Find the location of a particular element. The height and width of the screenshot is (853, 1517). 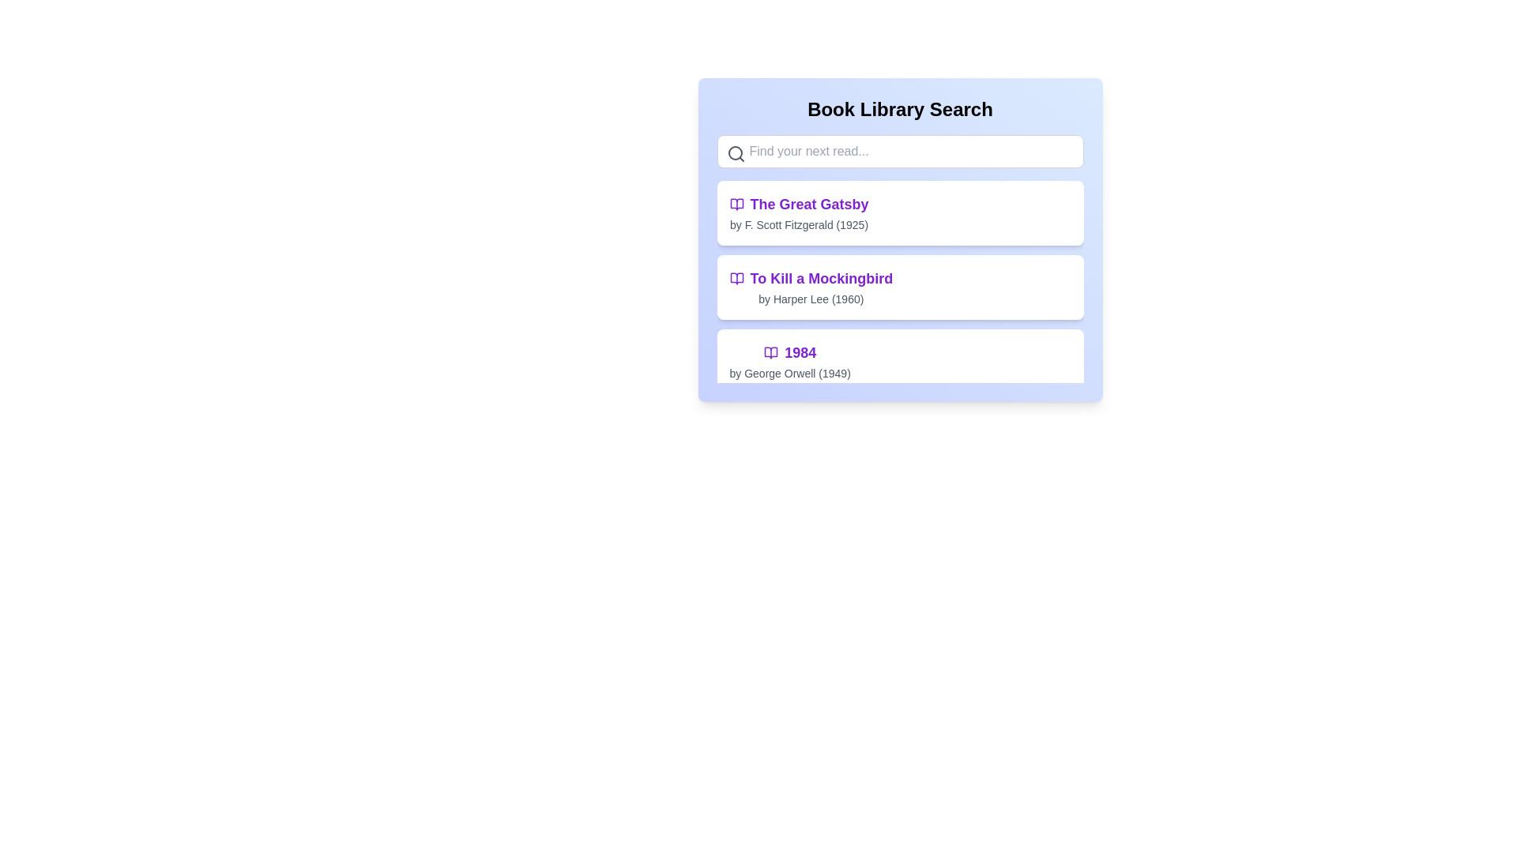

the second book entry in the library search results, which displays the title and author details, positioned between 'The Great Gatsby' and '1984' is located at coordinates (900, 287).